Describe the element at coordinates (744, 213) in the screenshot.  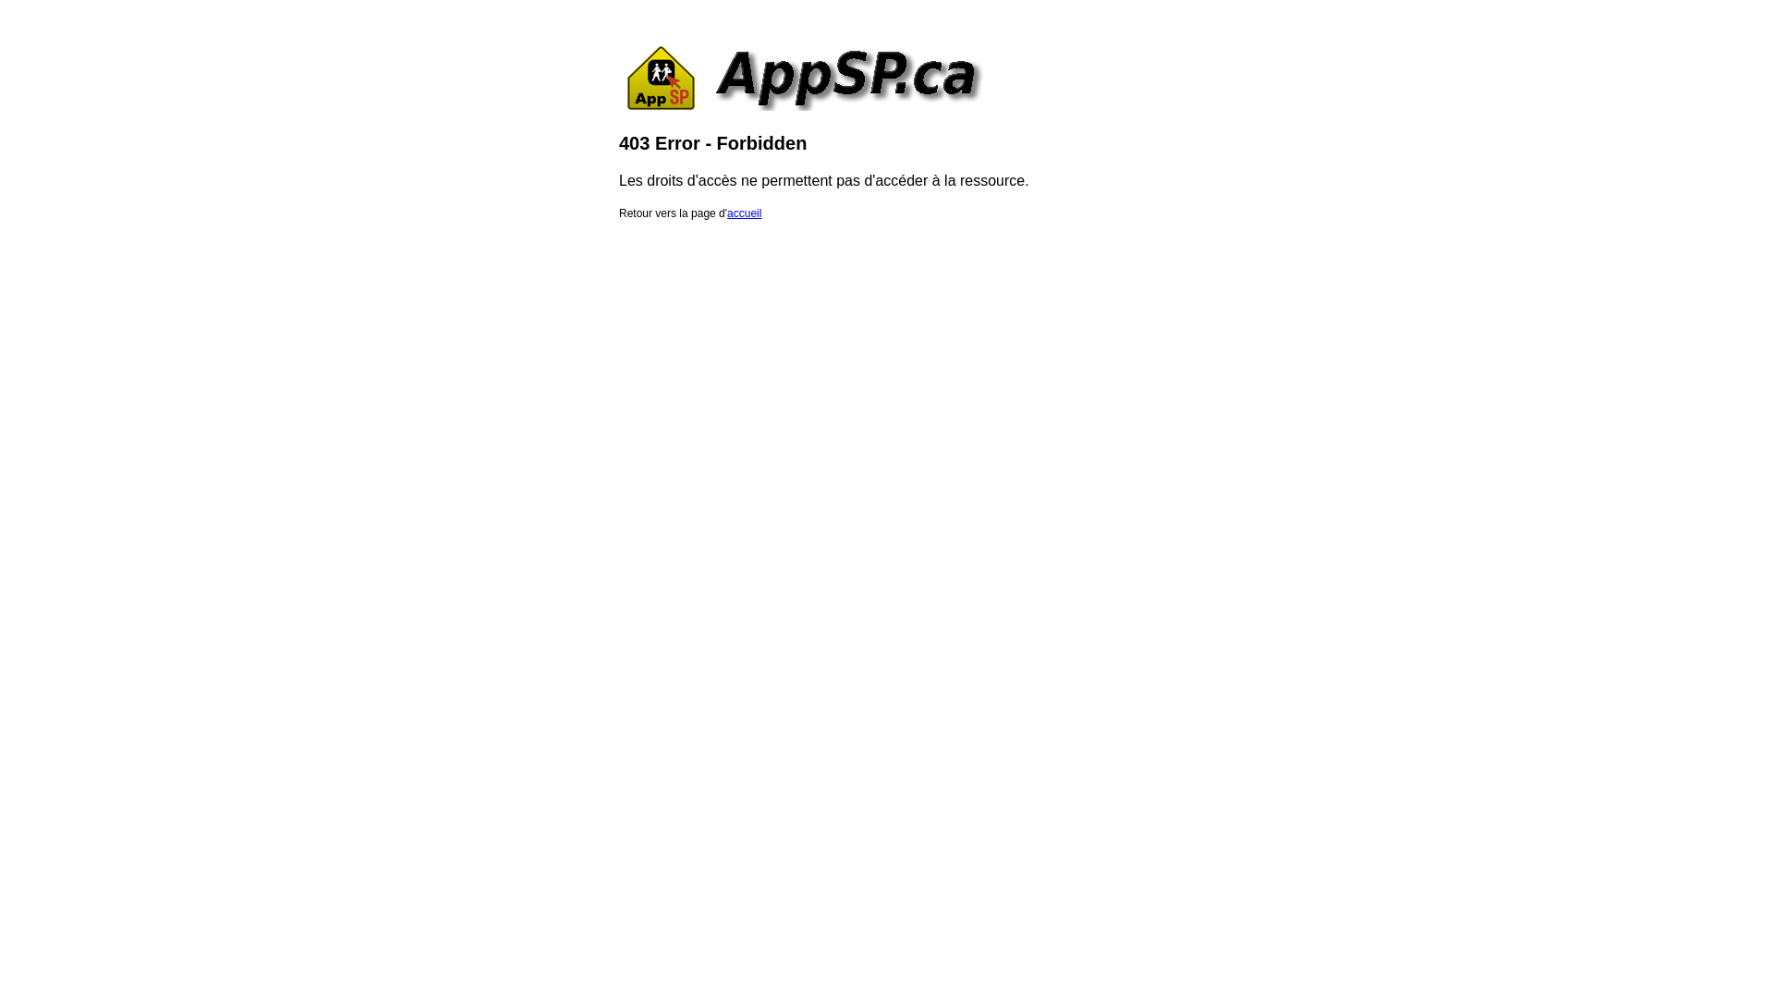
I see `'accueil'` at that location.